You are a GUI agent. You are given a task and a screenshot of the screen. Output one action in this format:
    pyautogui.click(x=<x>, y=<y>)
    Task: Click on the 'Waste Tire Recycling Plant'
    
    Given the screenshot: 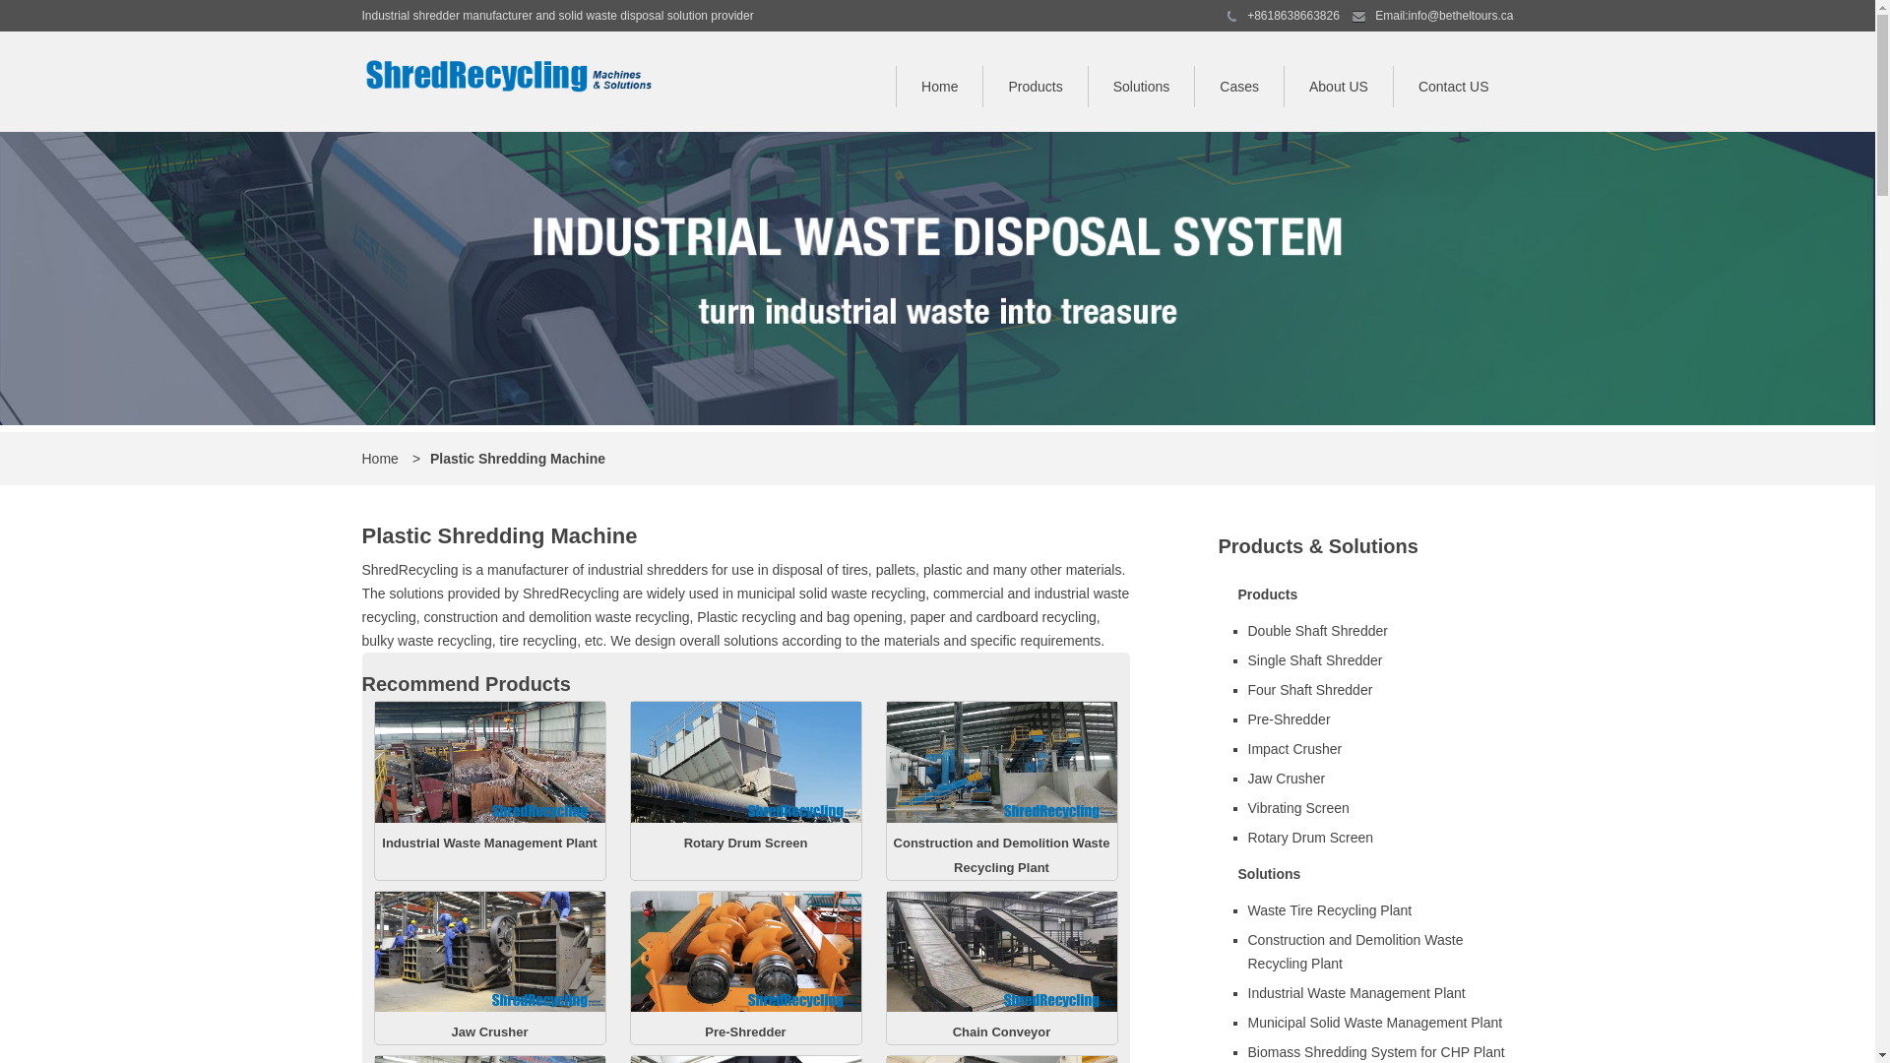 What is the action you would take?
    pyautogui.click(x=1246, y=910)
    